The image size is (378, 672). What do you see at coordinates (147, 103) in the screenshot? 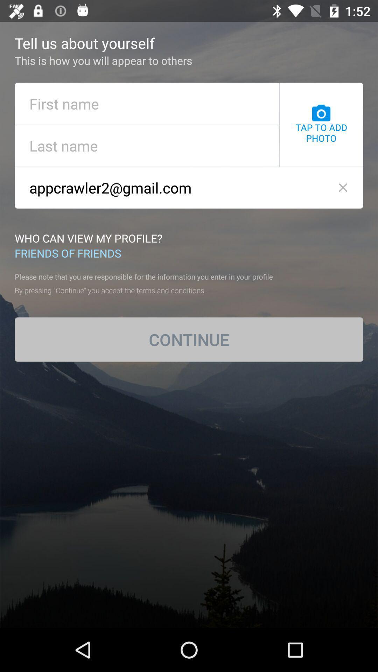
I see `put your first name` at bounding box center [147, 103].